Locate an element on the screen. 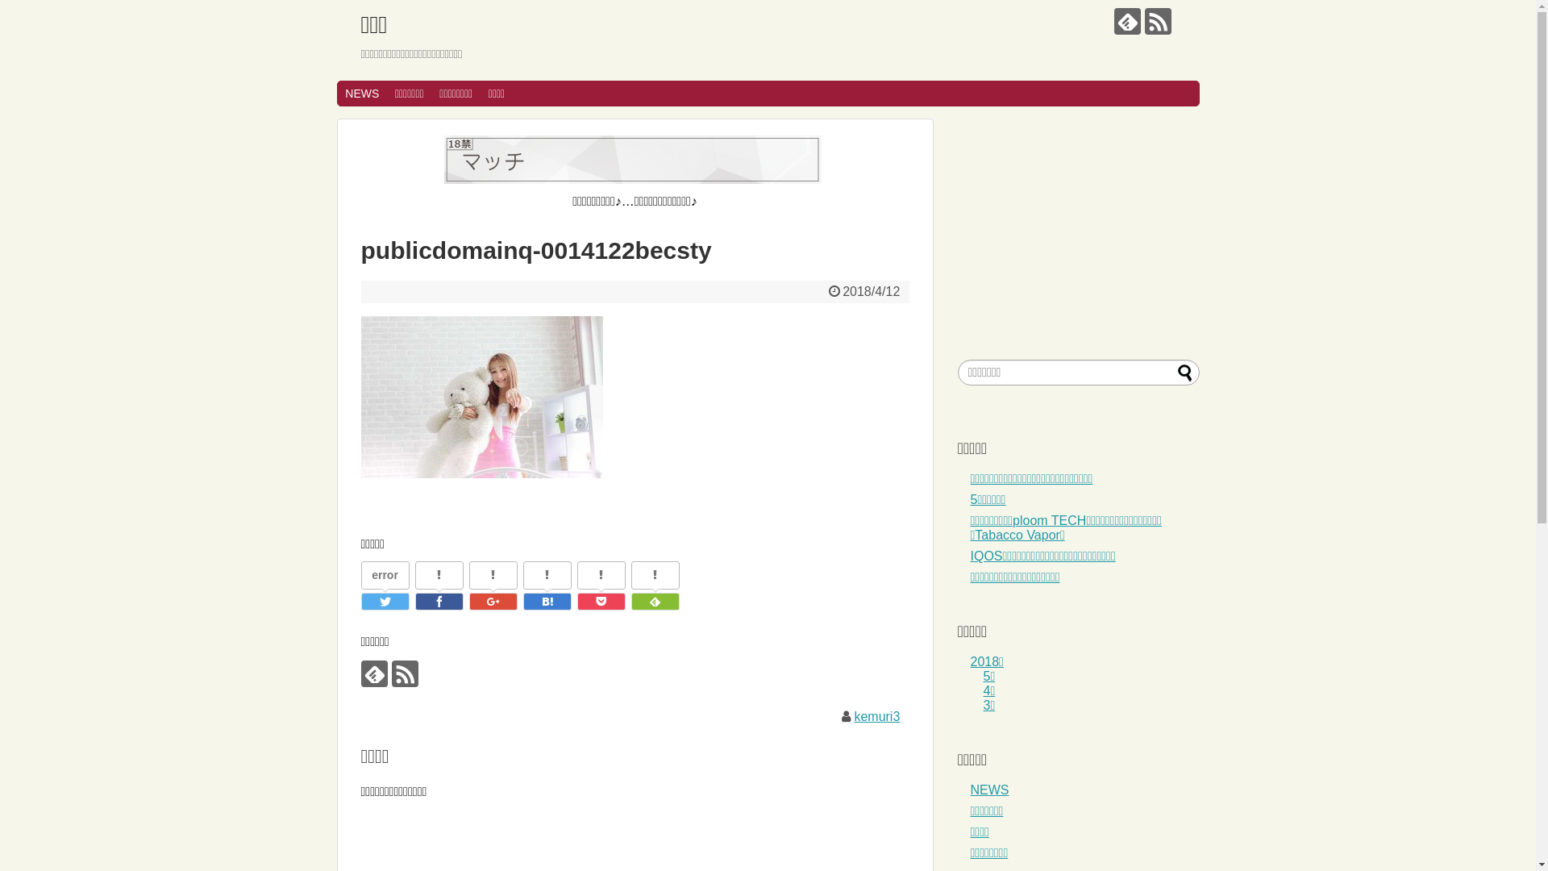 This screenshot has width=1548, height=871. 'kemuri3' is located at coordinates (876, 715).